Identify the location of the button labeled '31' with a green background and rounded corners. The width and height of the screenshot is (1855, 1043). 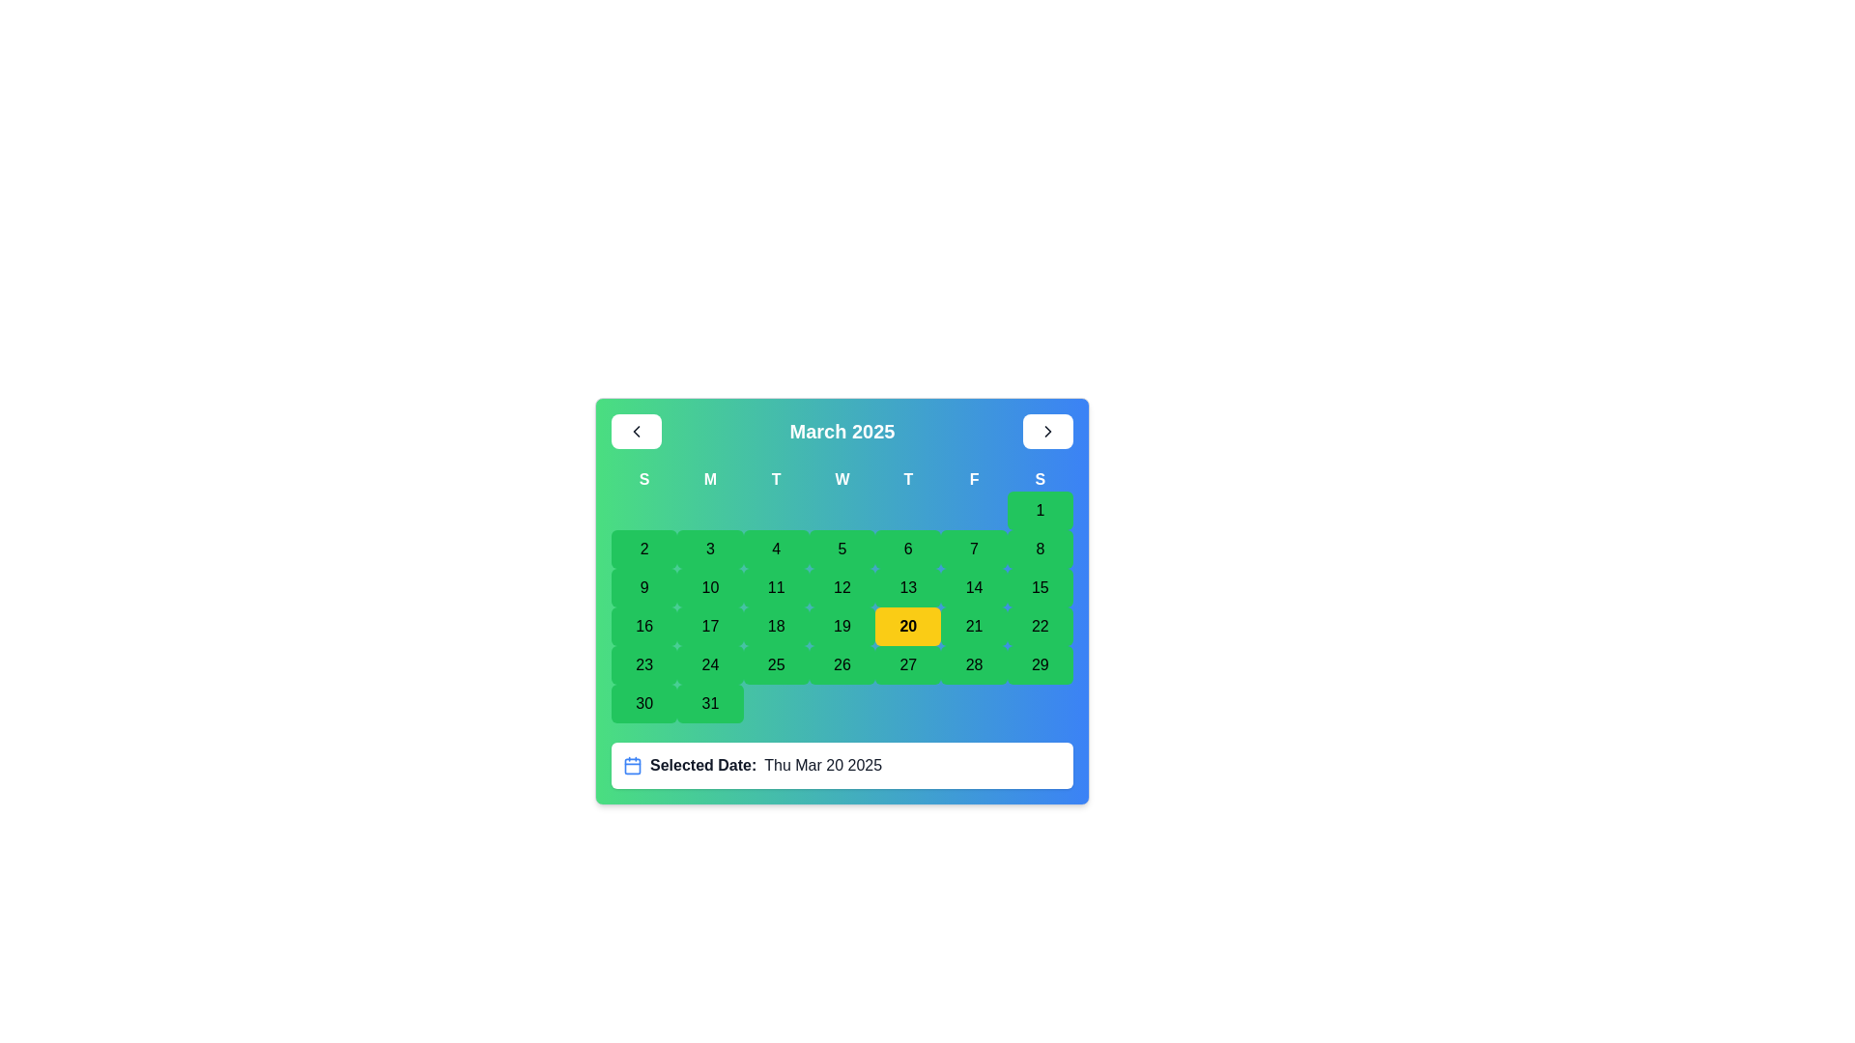
(709, 704).